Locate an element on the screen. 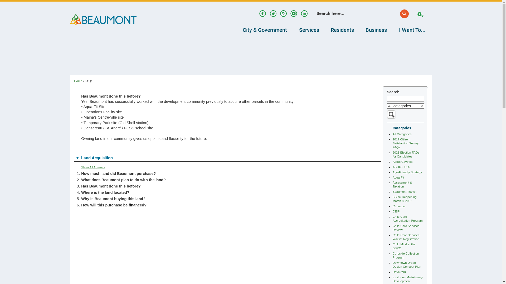 This screenshot has width=506, height=284. 'Business' is located at coordinates (359, 30).